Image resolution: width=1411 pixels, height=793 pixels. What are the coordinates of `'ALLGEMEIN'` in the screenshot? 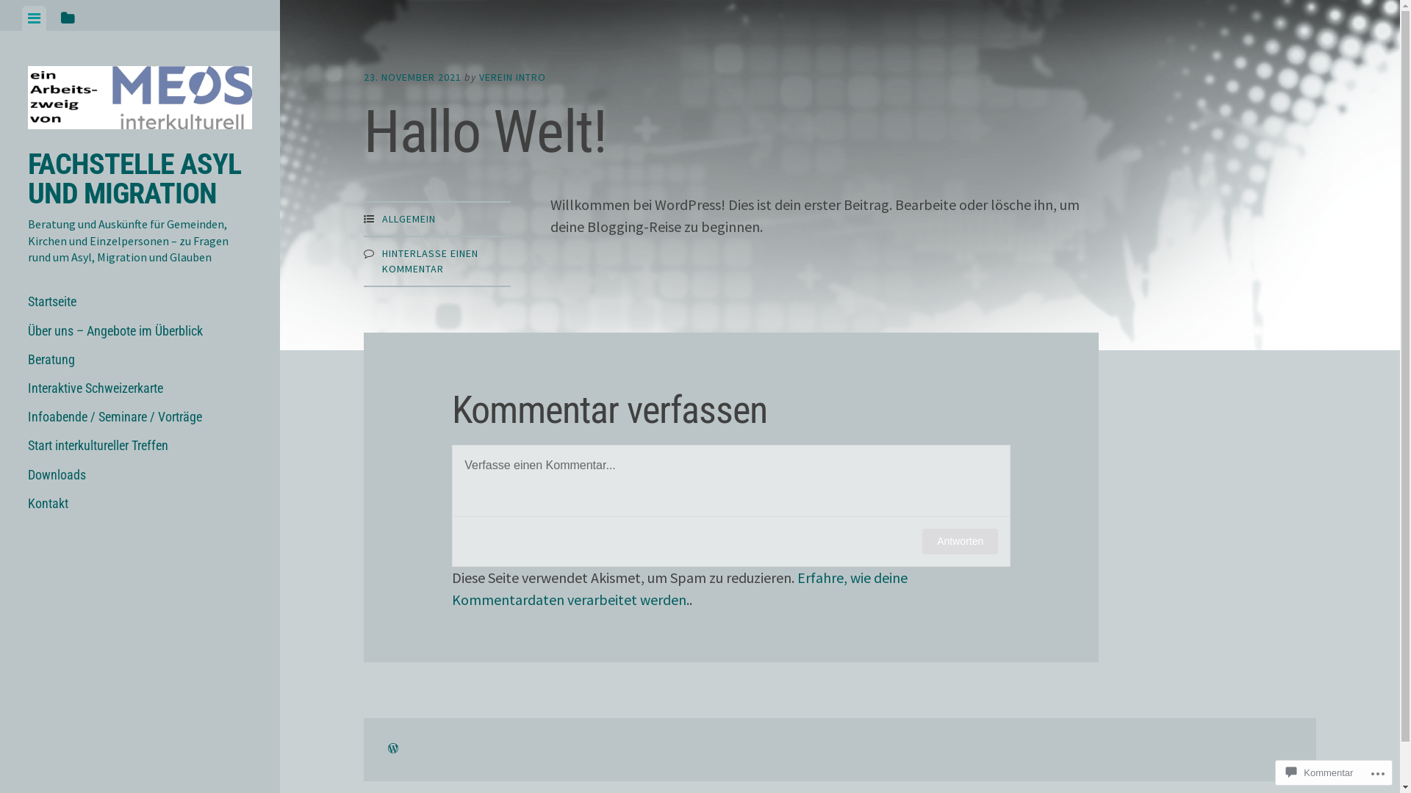 It's located at (409, 218).